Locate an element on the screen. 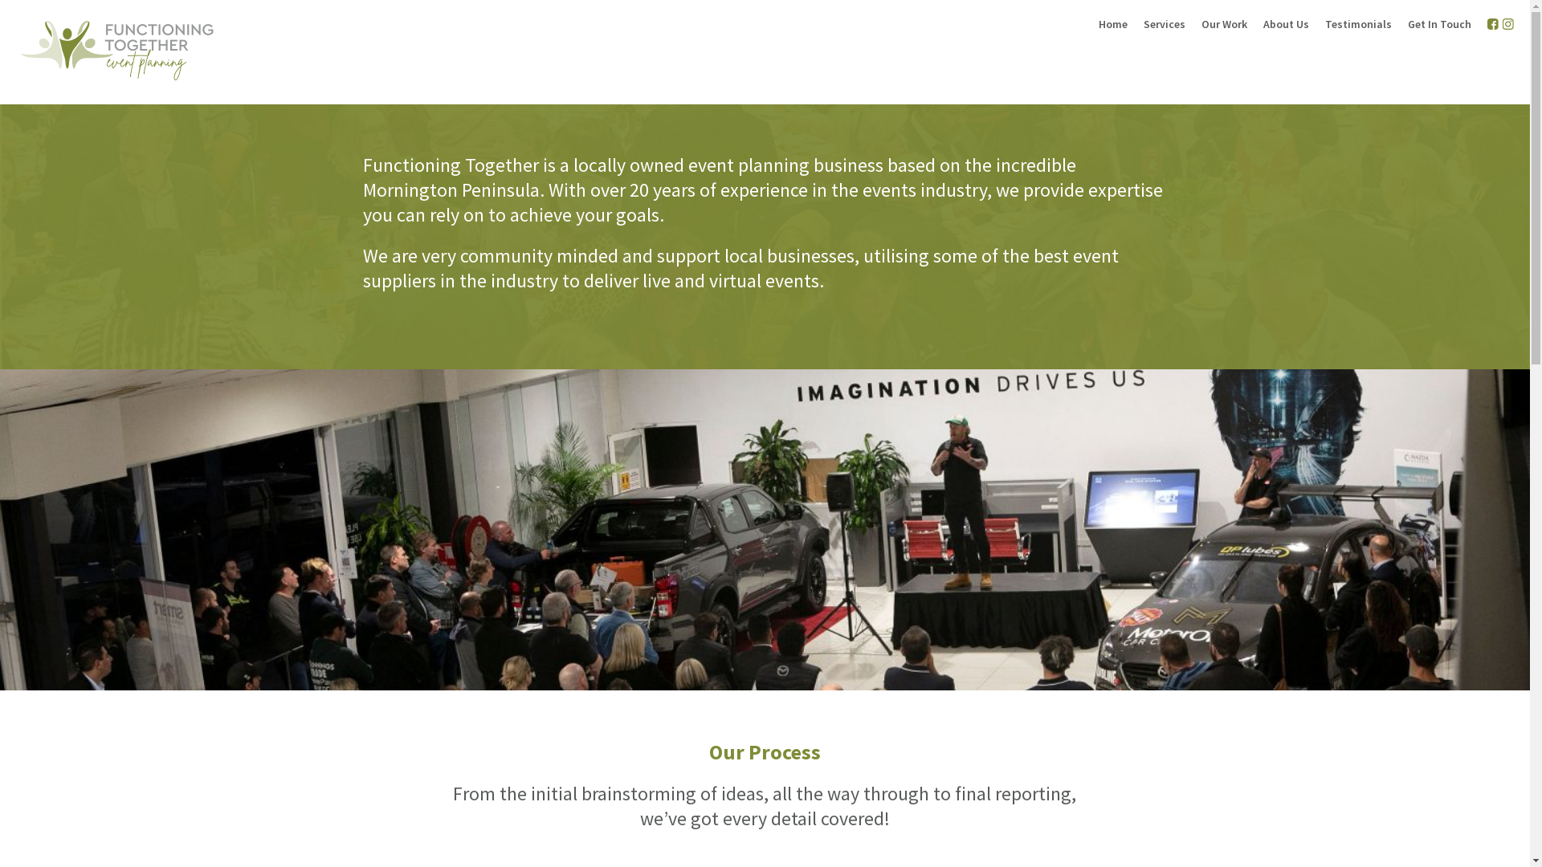 The image size is (1542, 867). 'Get In Touch' is located at coordinates (1439, 24).